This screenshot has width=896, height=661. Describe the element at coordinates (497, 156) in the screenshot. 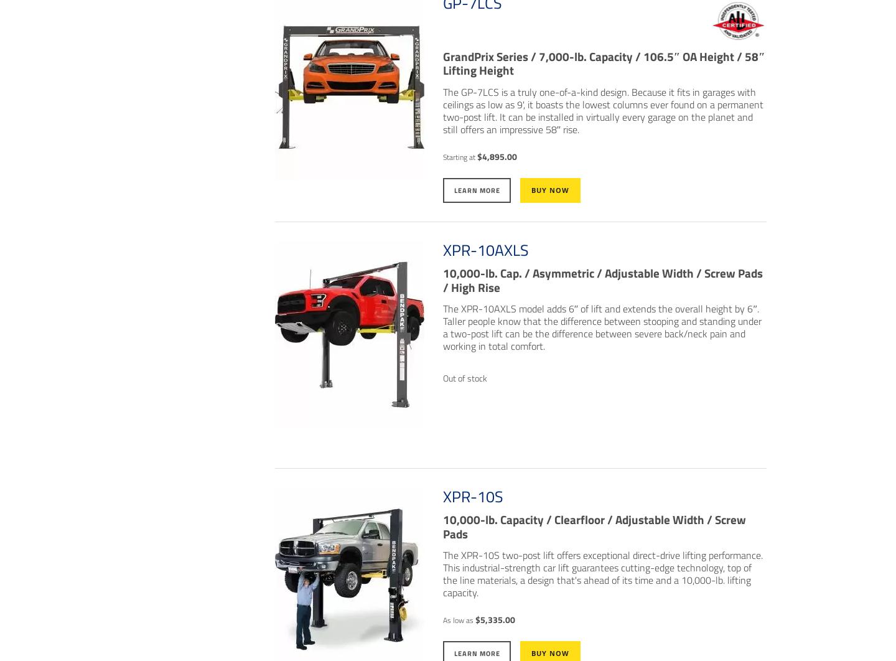

I see `'$4,895.00'` at that location.